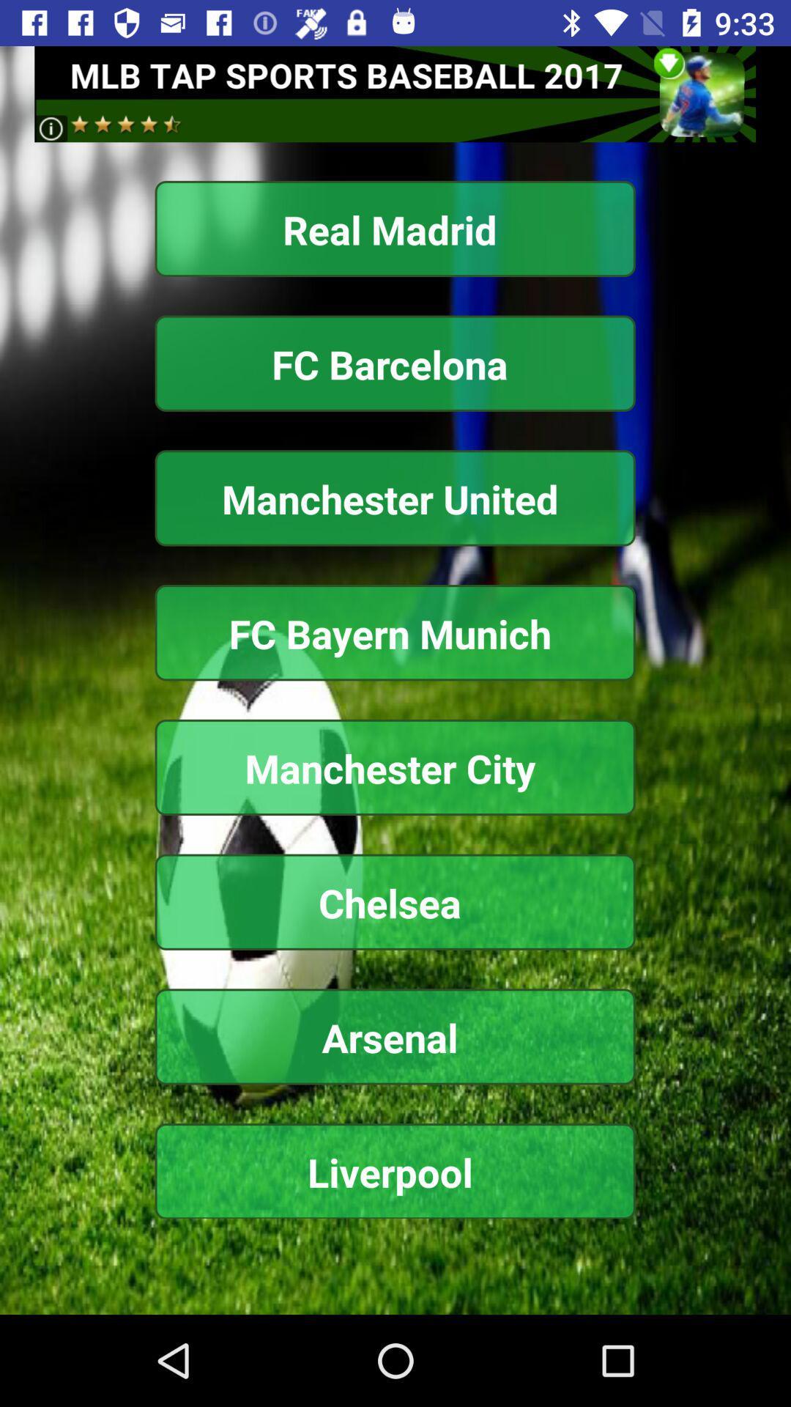 This screenshot has width=791, height=1407. I want to click on advertisement, so click(394, 93).